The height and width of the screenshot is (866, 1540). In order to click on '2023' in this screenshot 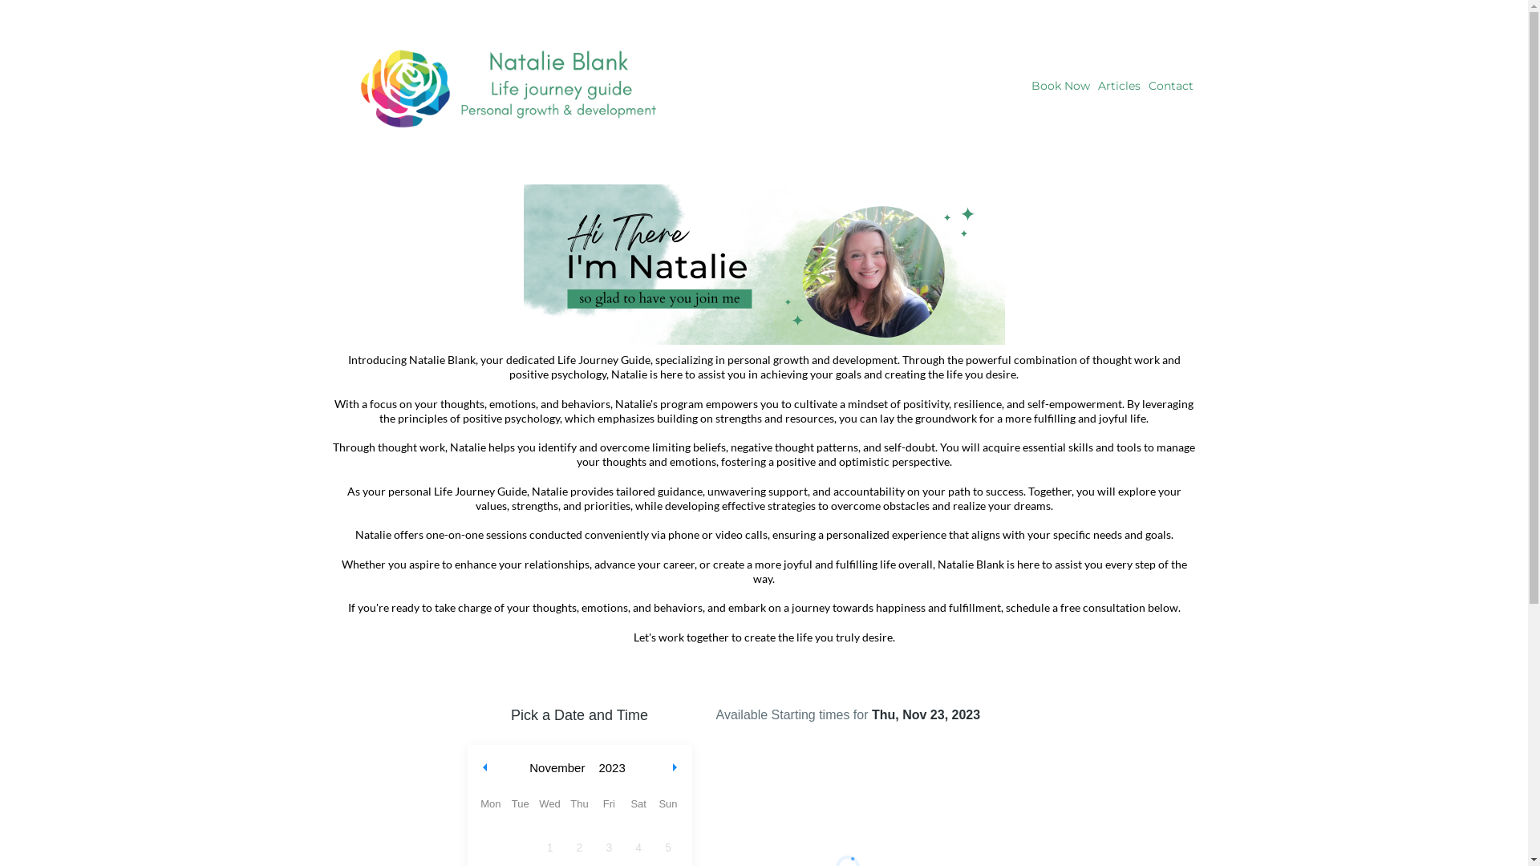, I will do `click(592, 767)`.